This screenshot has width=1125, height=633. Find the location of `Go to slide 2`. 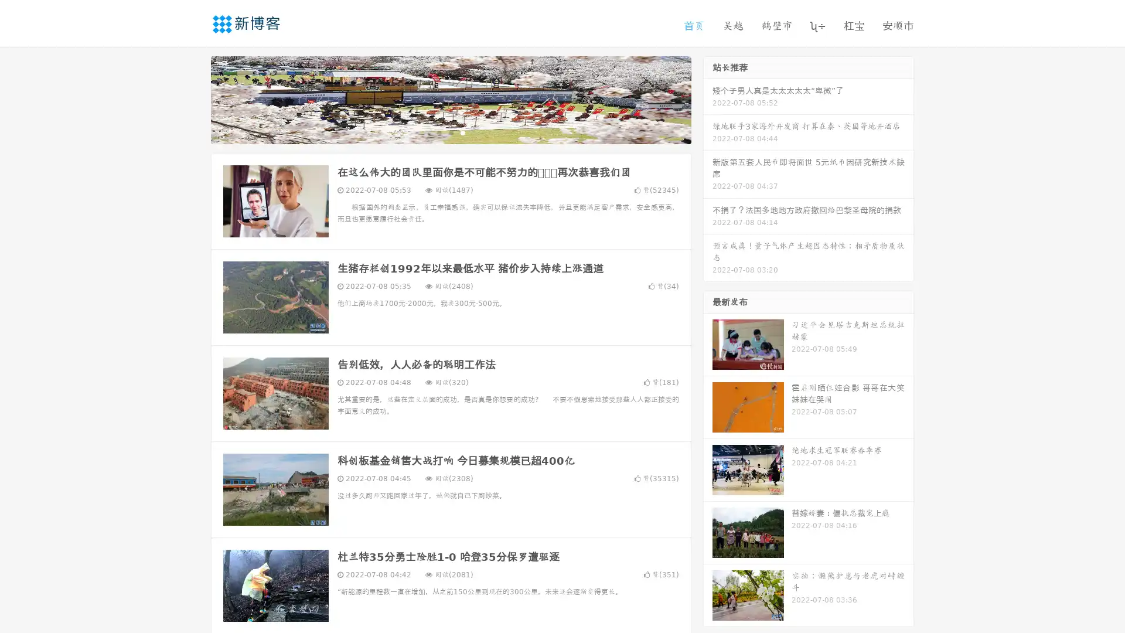

Go to slide 2 is located at coordinates (450, 132).